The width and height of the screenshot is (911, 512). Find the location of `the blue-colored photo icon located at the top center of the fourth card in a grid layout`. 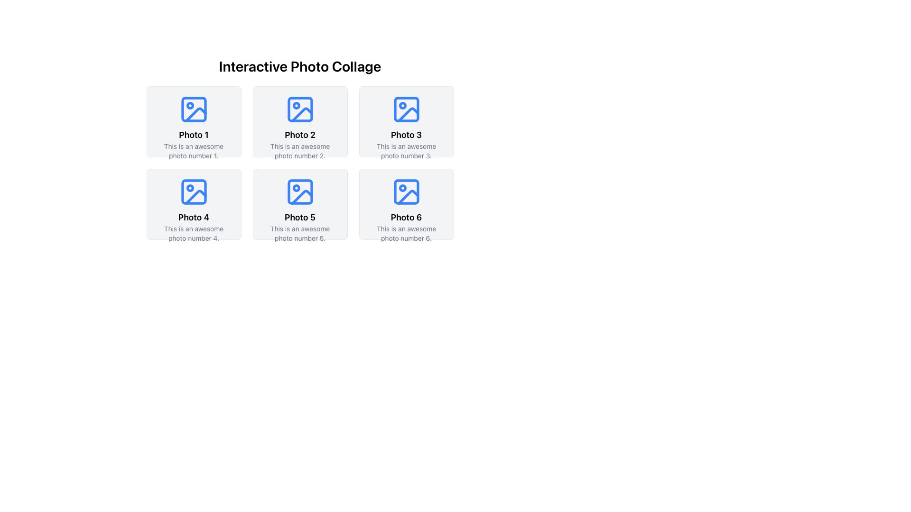

the blue-colored photo icon located at the top center of the fourth card in a grid layout is located at coordinates (193, 192).